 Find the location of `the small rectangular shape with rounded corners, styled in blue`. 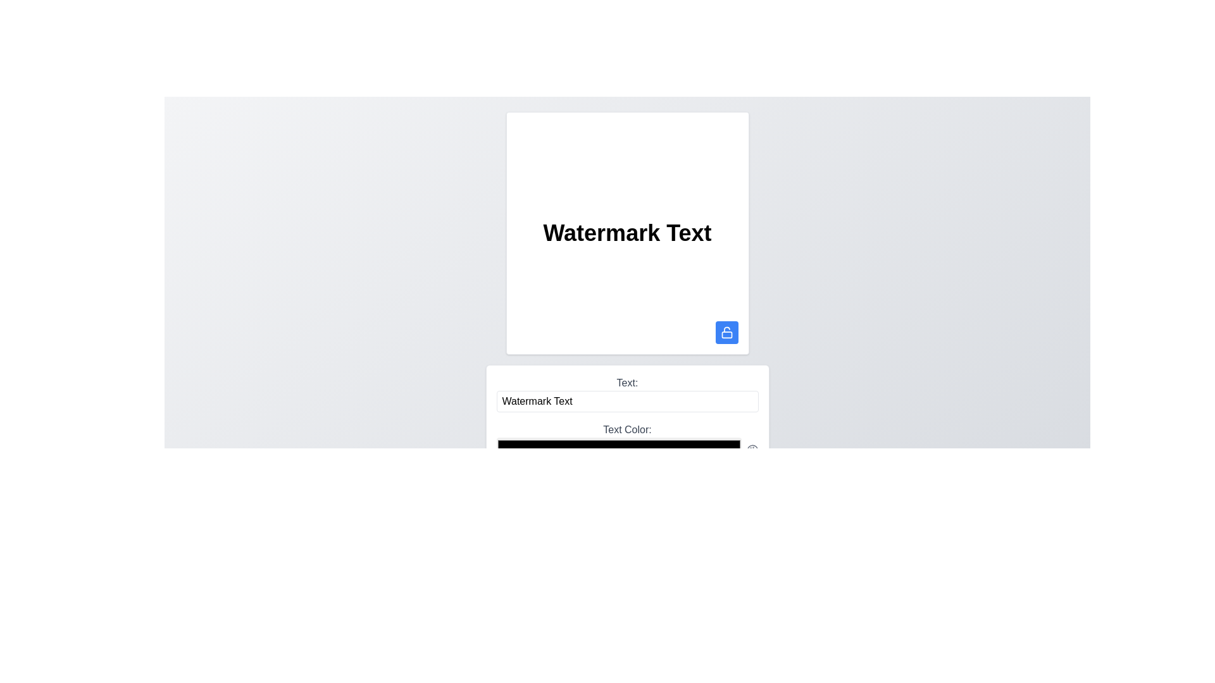

the small rectangular shape with rounded corners, styled in blue is located at coordinates (726, 334).